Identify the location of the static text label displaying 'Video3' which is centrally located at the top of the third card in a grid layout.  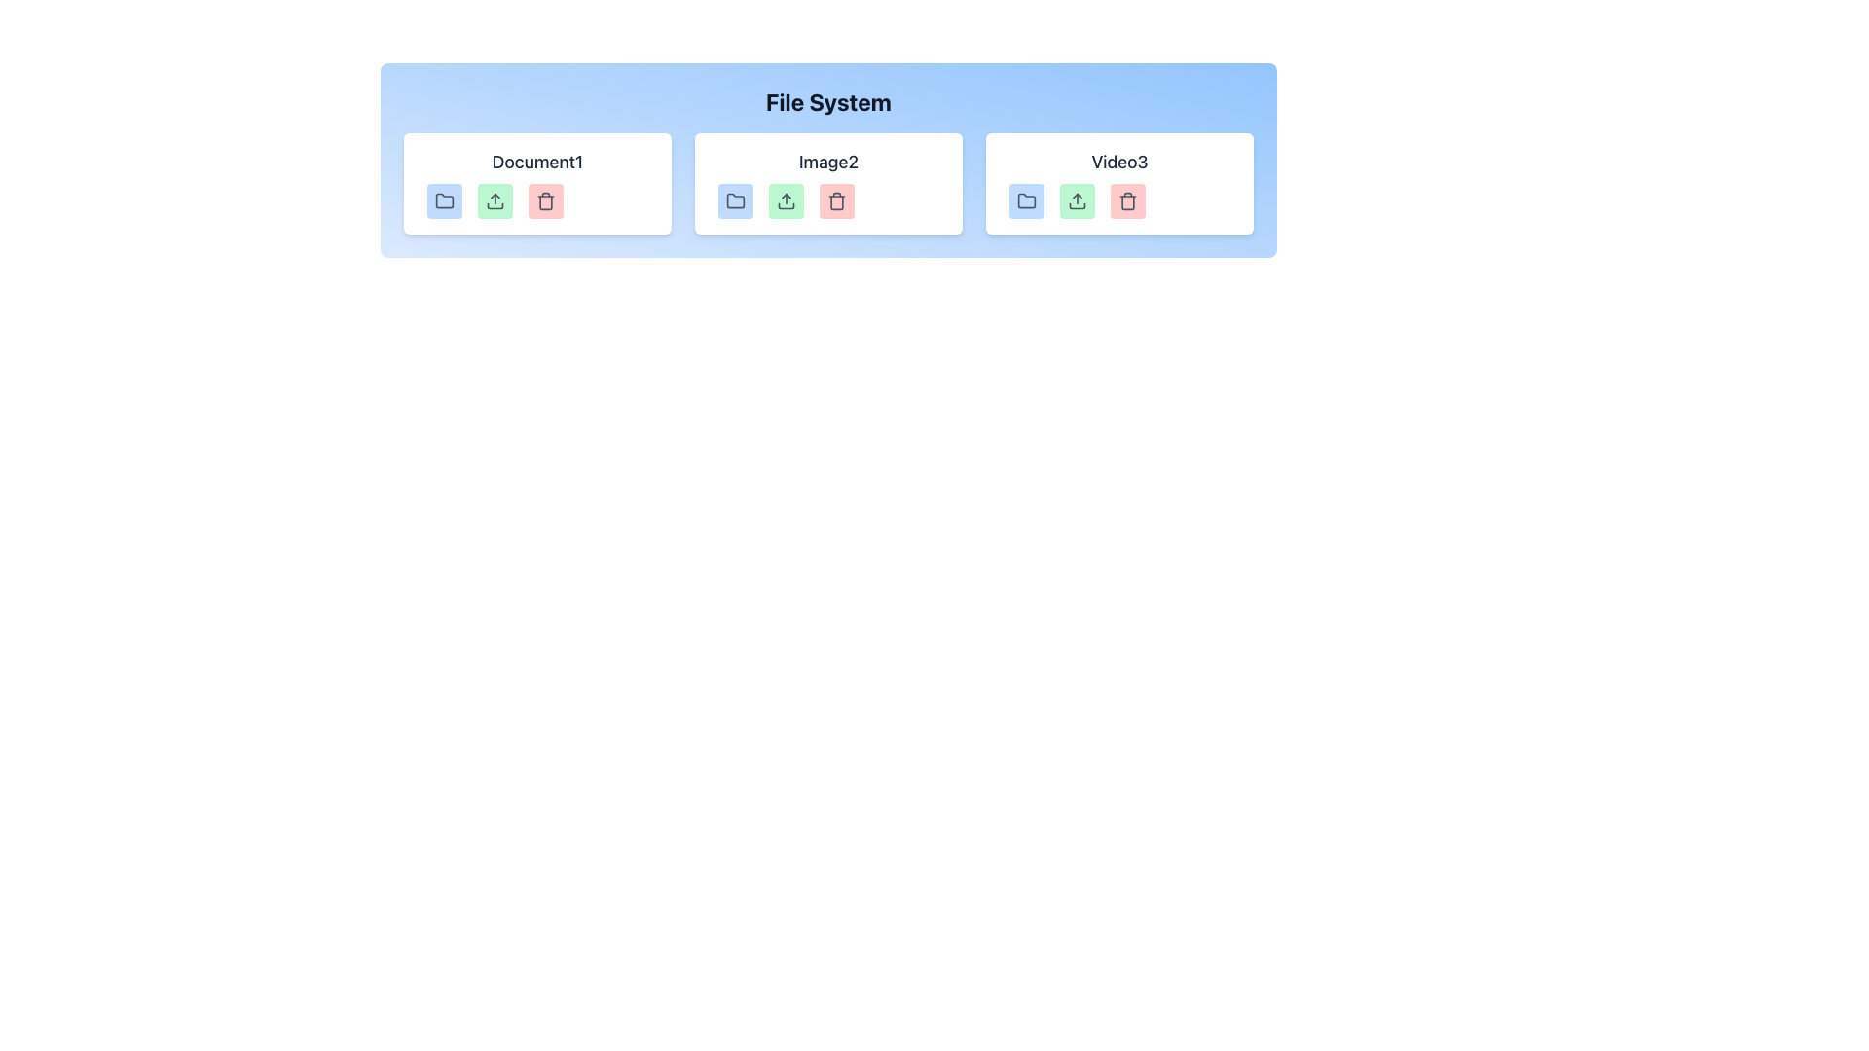
(1119, 161).